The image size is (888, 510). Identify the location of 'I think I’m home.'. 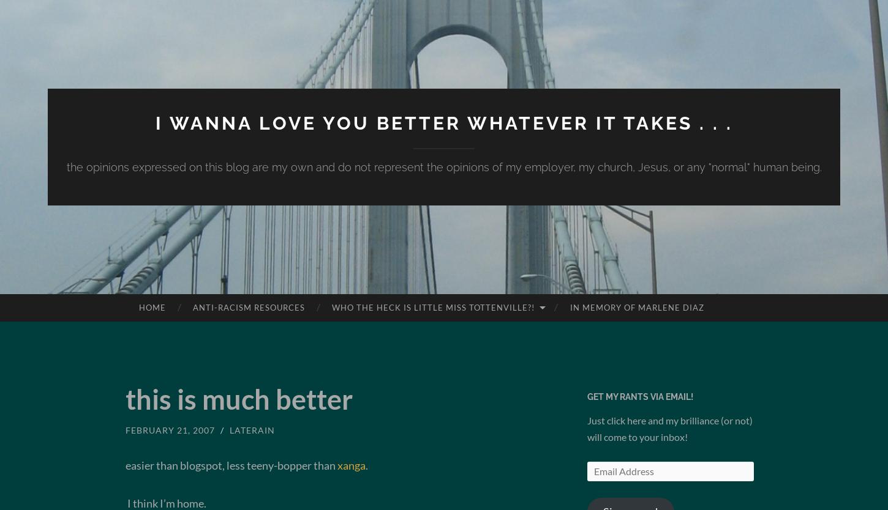
(166, 501).